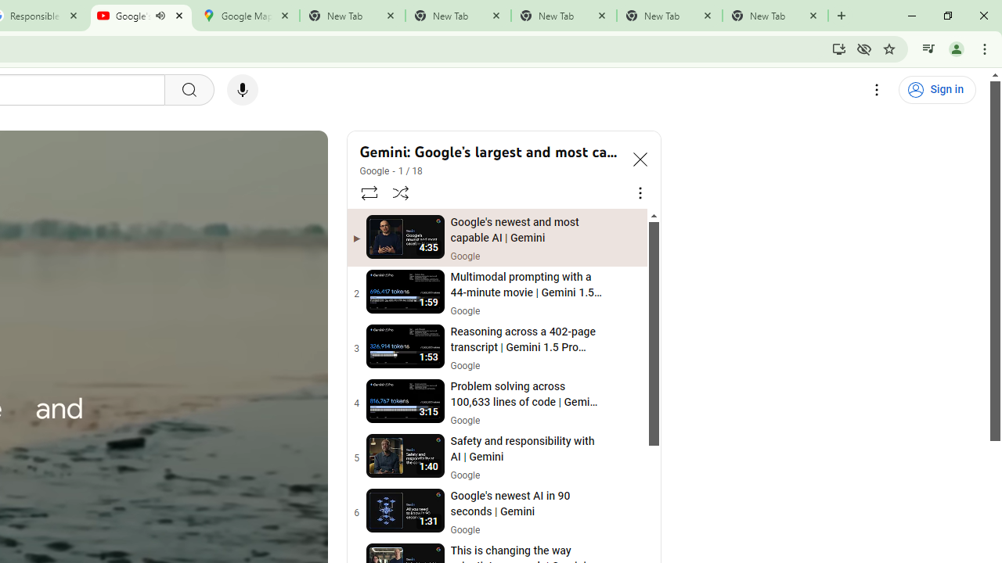  I want to click on 'Loop playlist', so click(368, 192).